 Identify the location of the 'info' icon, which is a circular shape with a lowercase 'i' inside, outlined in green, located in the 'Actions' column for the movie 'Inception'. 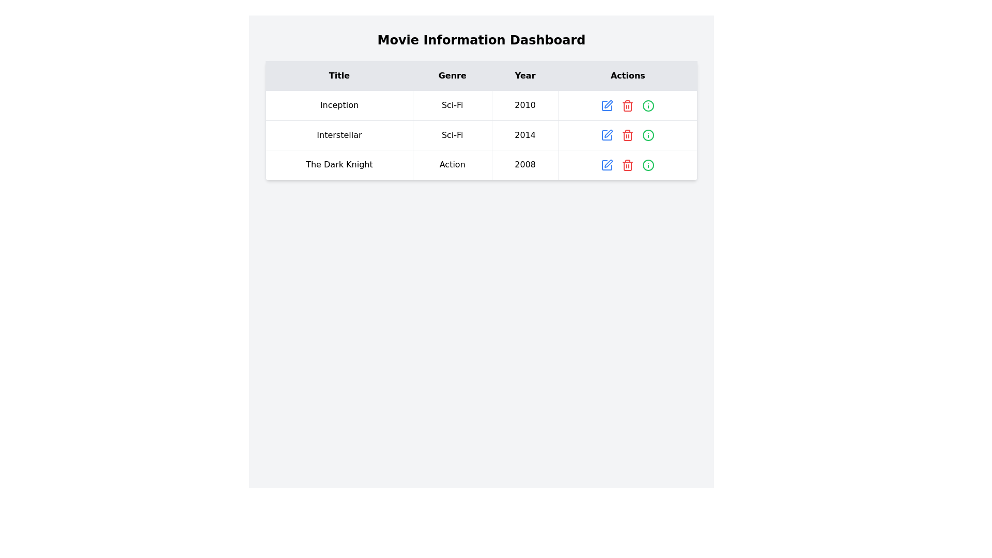
(648, 105).